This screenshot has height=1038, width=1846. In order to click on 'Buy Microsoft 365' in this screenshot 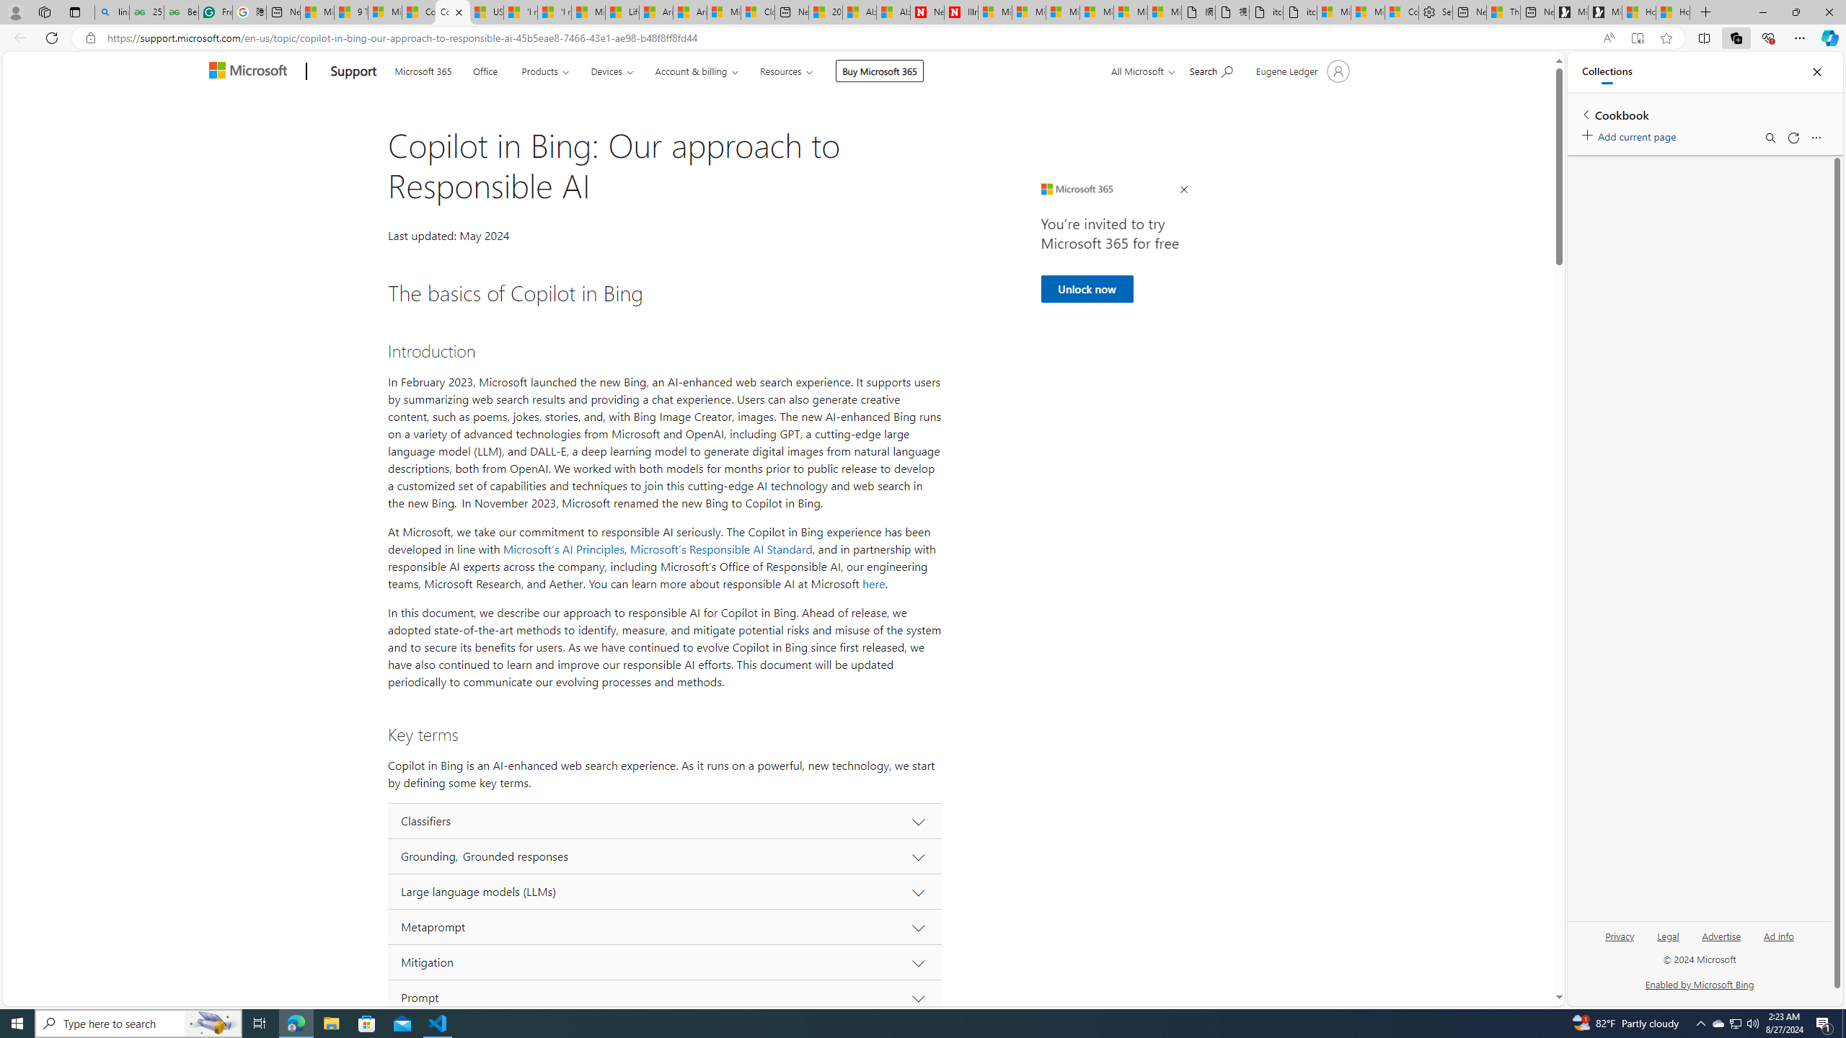, I will do `click(878, 70)`.